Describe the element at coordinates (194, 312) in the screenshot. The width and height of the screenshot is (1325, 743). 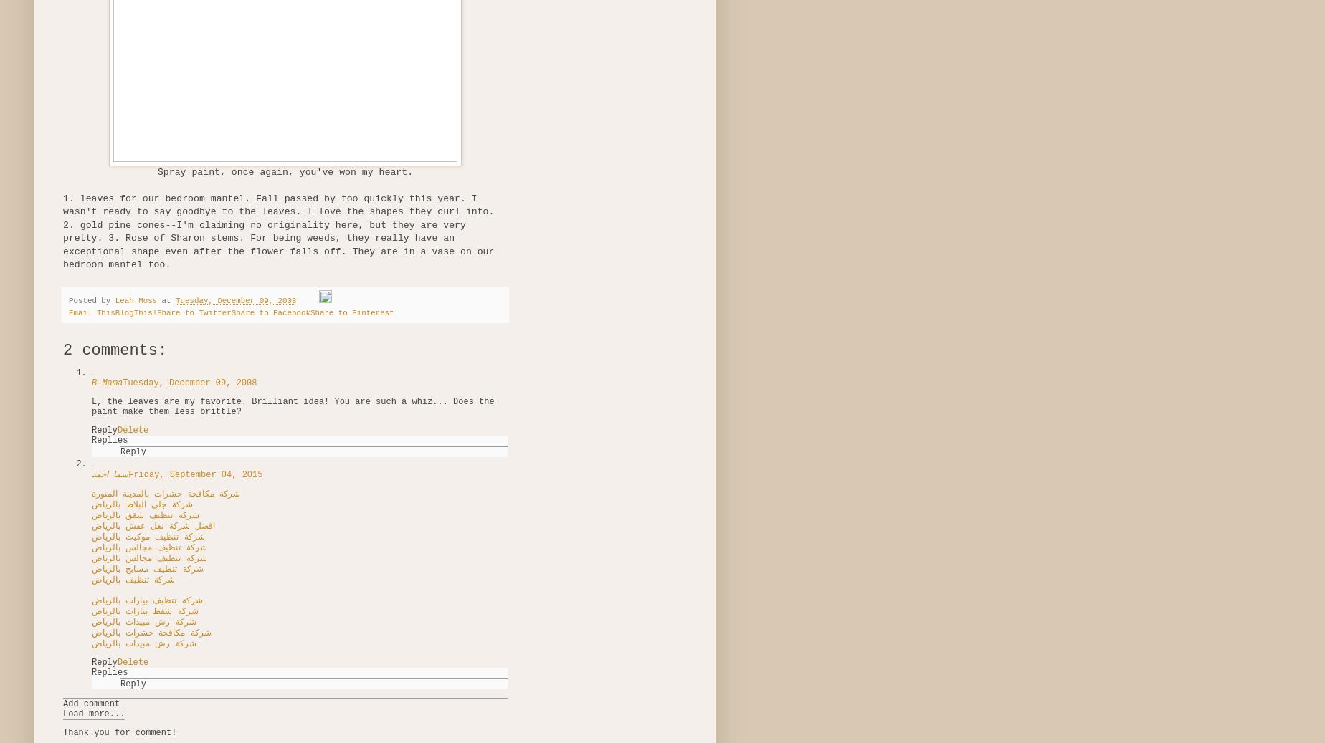
I see `'Share to Twitter'` at that location.